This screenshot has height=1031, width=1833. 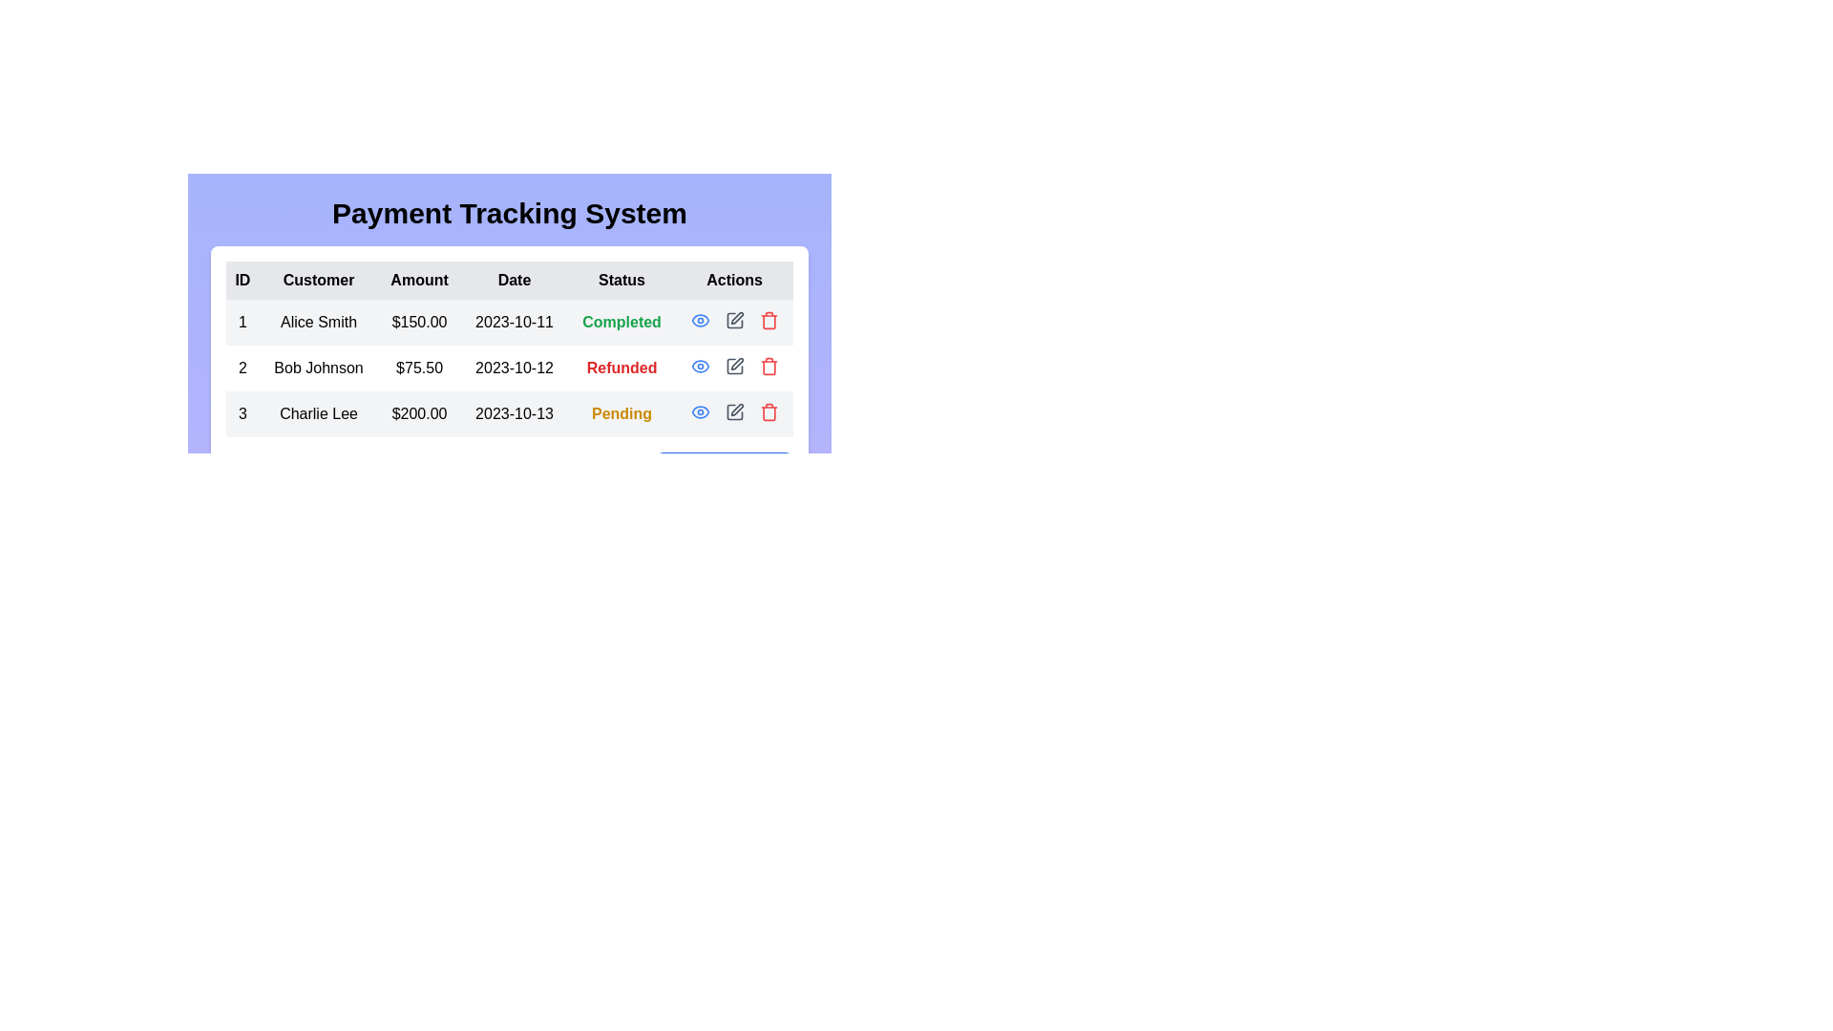 What do you see at coordinates (418, 368) in the screenshot?
I see `the Text Display element that shows the amount '$75.50' for the payment transaction associated with 'Bob Johnson'` at bounding box center [418, 368].